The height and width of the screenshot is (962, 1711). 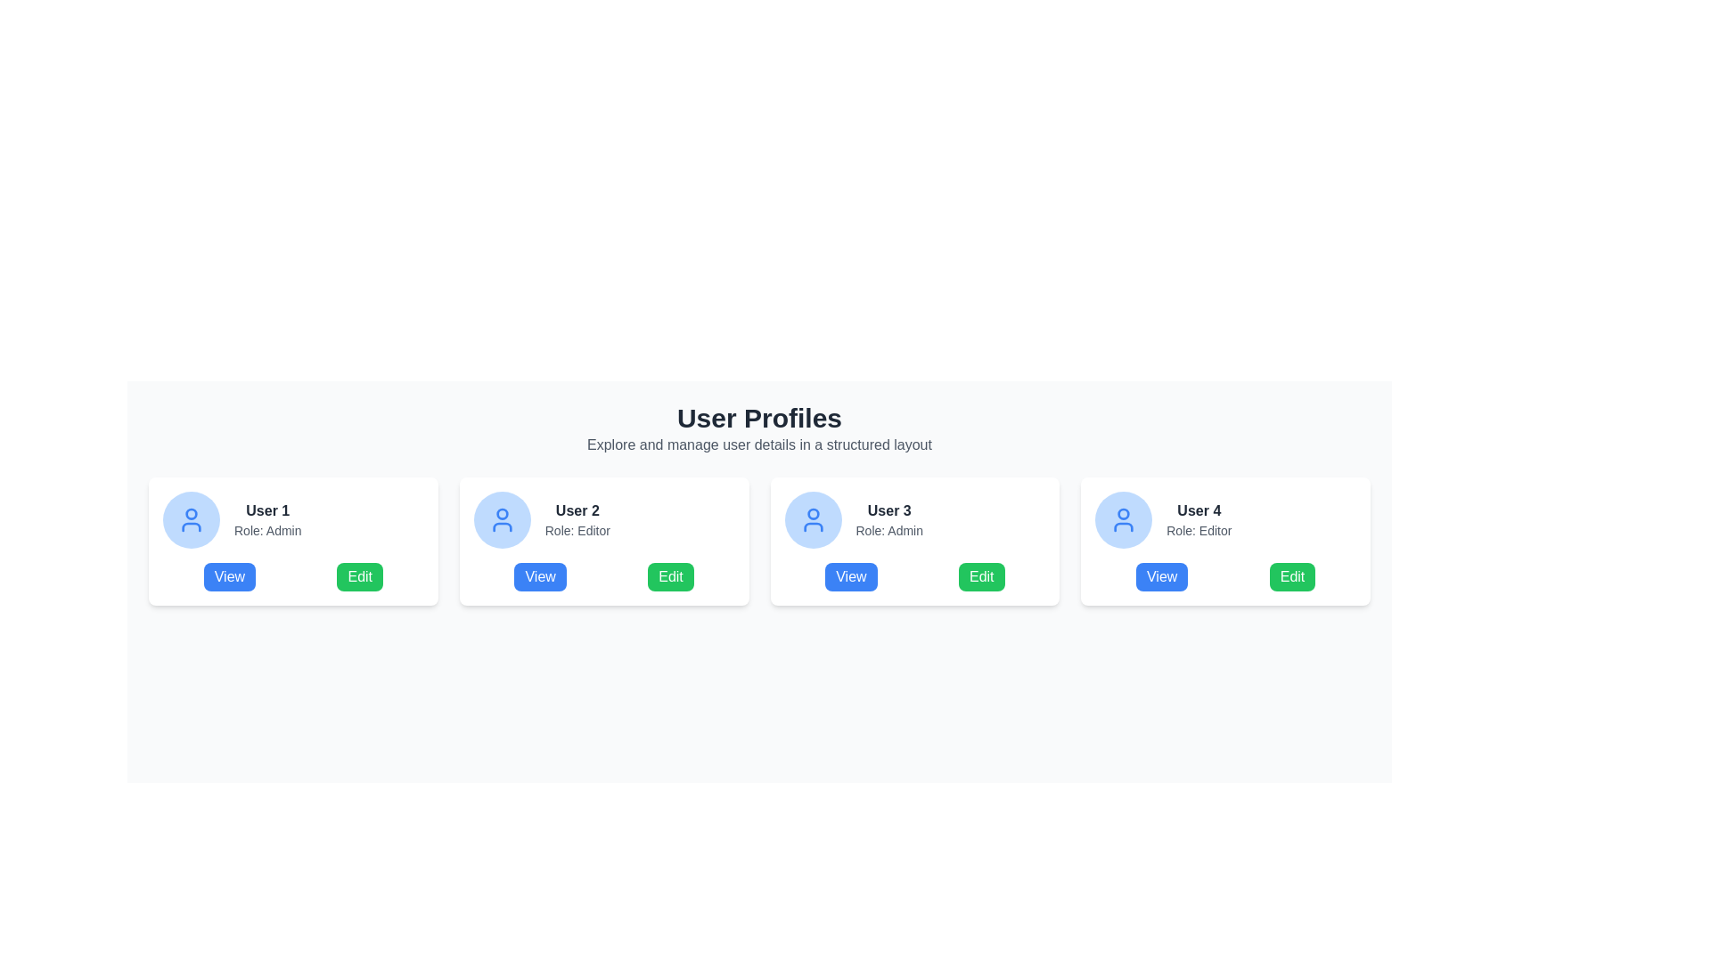 I want to click on the button in the lower-left section of the 'User 1' card, so click(x=228, y=577).